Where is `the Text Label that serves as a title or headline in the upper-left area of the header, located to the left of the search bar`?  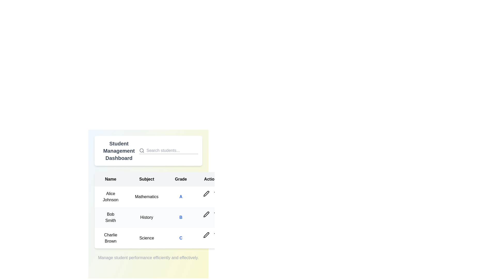 the Text Label that serves as a title or headline in the upper-left area of the header, located to the left of the search bar is located at coordinates (119, 151).